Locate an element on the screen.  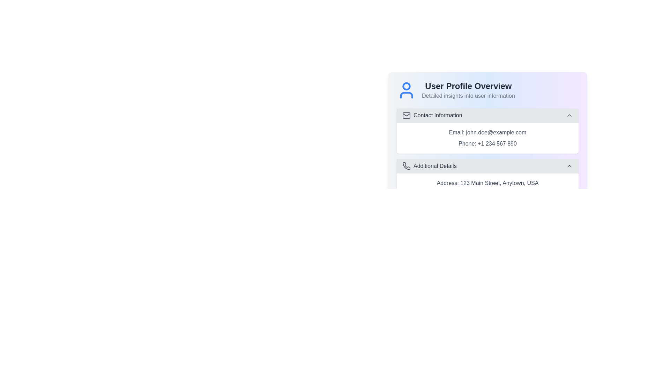
the gray email icon, which is 24x24 pixels in size, located next to the 'Contact Information' text in the 'User Profile Overview' page is located at coordinates (407, 115).